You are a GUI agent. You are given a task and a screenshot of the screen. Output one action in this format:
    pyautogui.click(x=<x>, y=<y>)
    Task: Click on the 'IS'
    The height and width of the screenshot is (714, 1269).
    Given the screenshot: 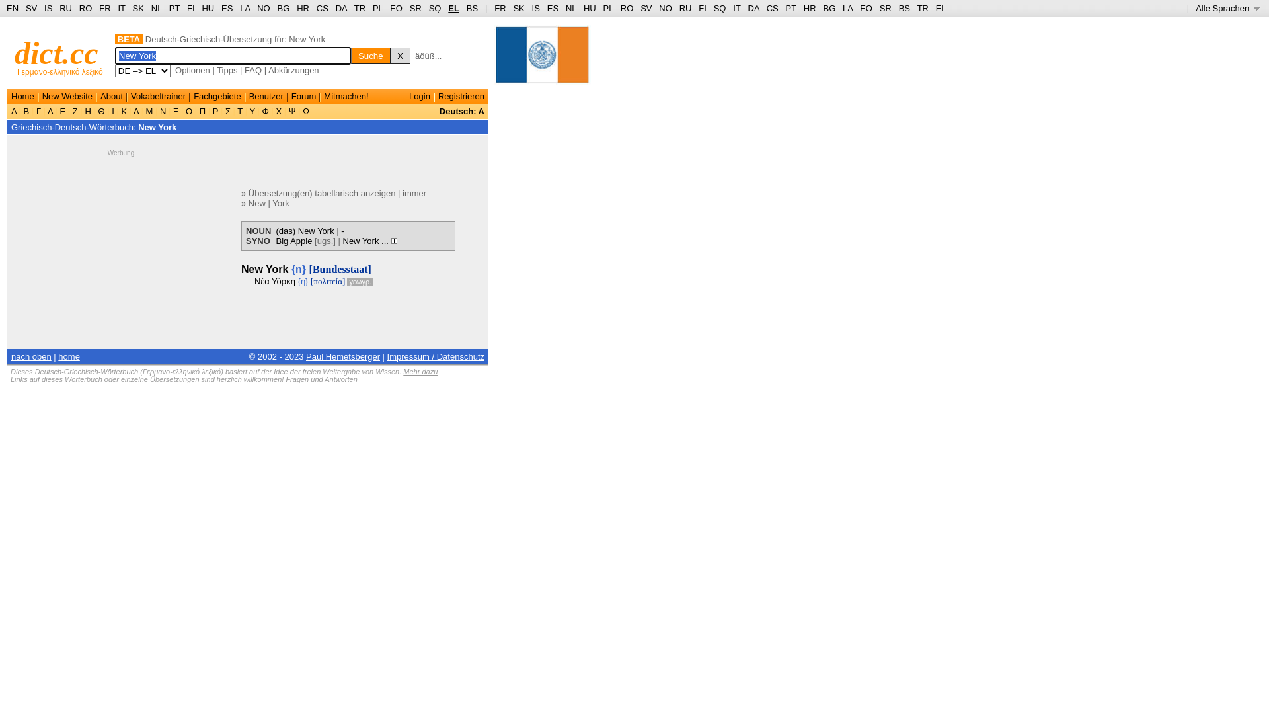 What is the action you would take?
    pyautogui.click(x=48, y=8)
    